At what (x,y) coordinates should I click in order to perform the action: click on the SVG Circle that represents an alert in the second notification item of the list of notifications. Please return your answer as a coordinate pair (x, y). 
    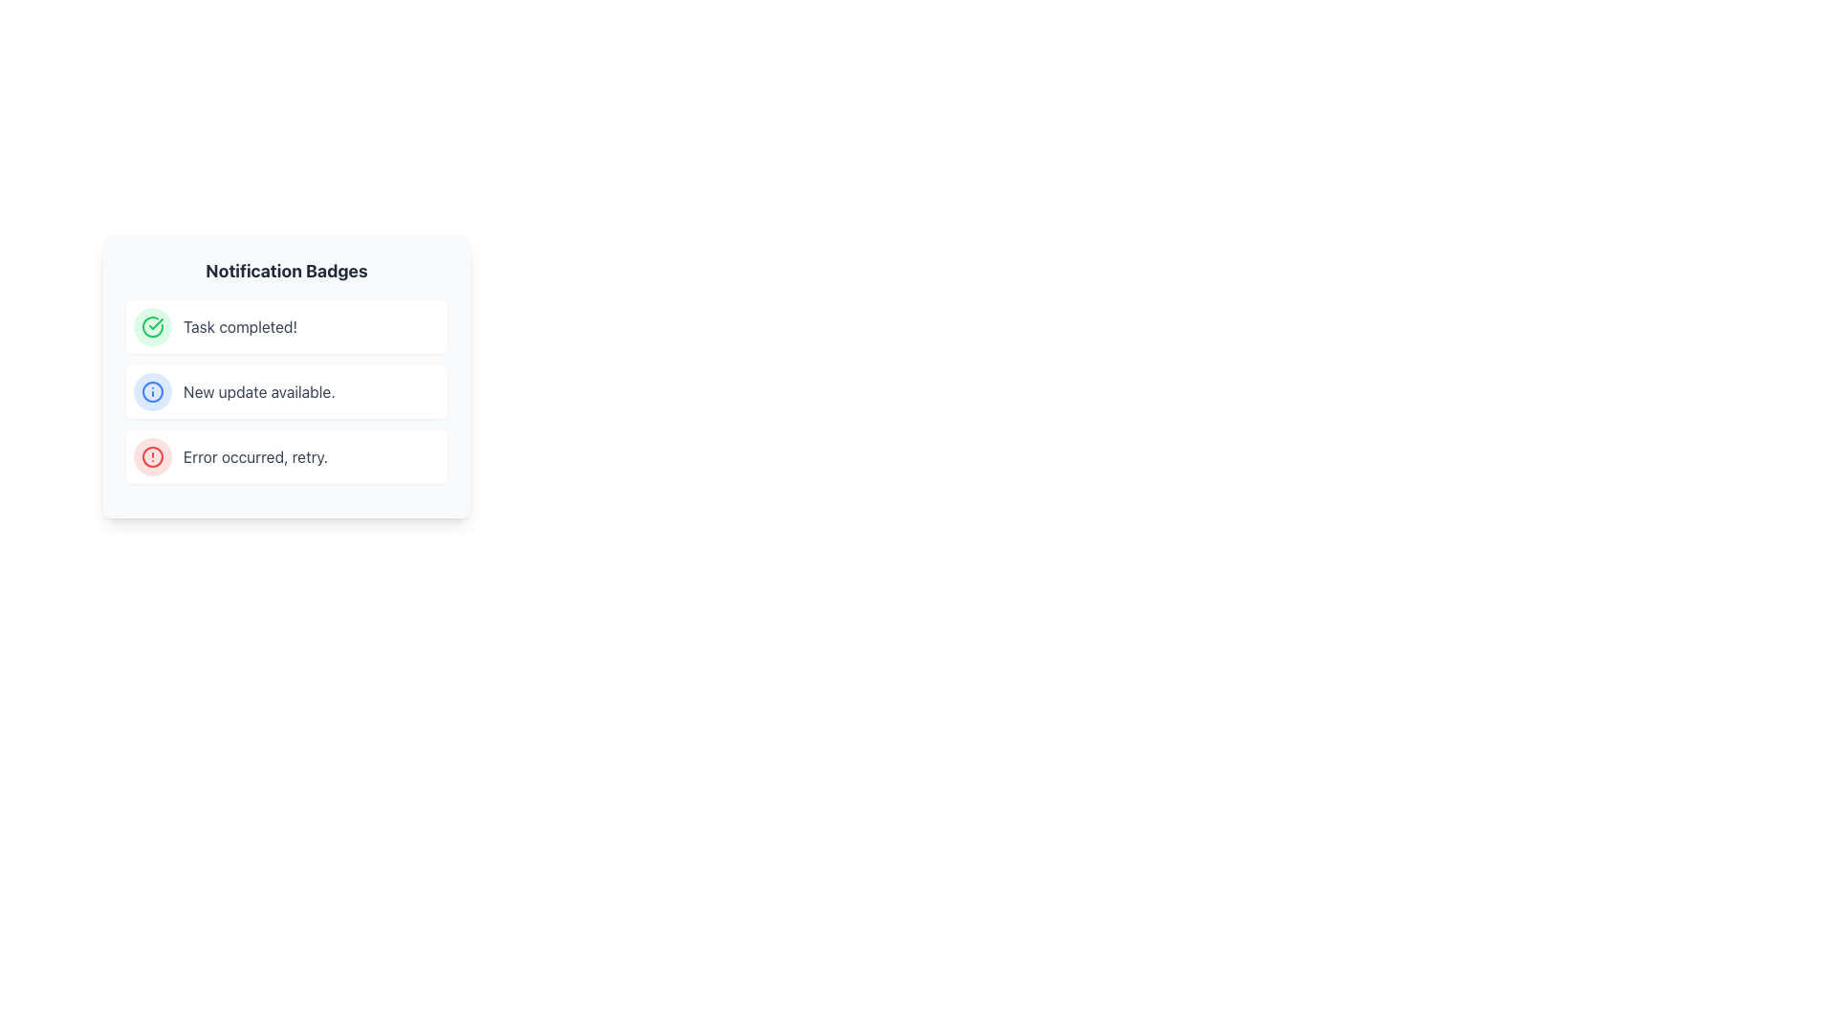
    Looking at the image, I should click on (151, 390).